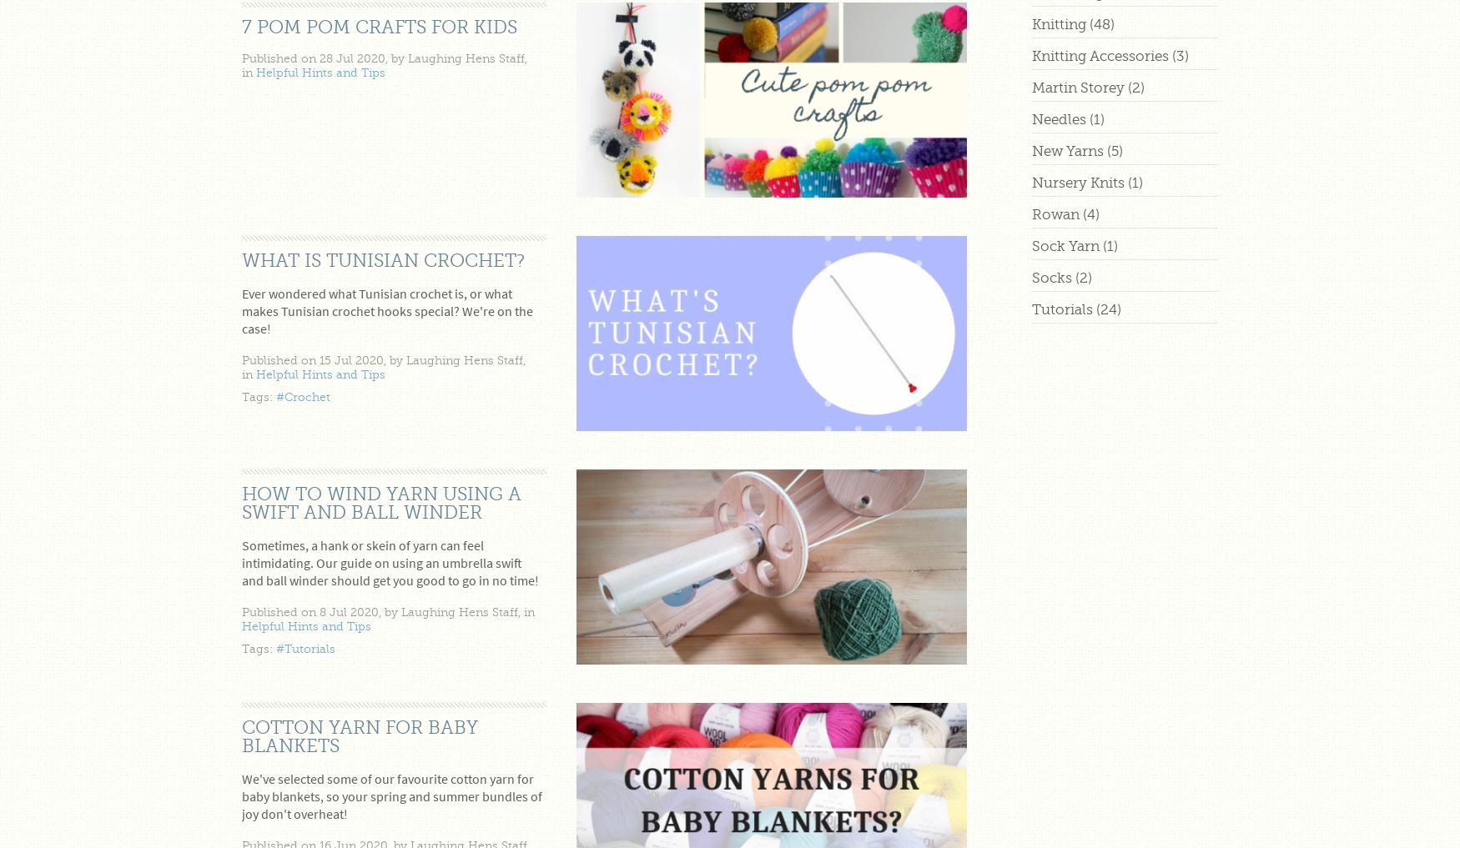 The width and height of the screenshot is (1460, 848). Describe the element at coordinates (240, 260) in the screenshot. I see `'What is Tunisian crochet?'` at that location.